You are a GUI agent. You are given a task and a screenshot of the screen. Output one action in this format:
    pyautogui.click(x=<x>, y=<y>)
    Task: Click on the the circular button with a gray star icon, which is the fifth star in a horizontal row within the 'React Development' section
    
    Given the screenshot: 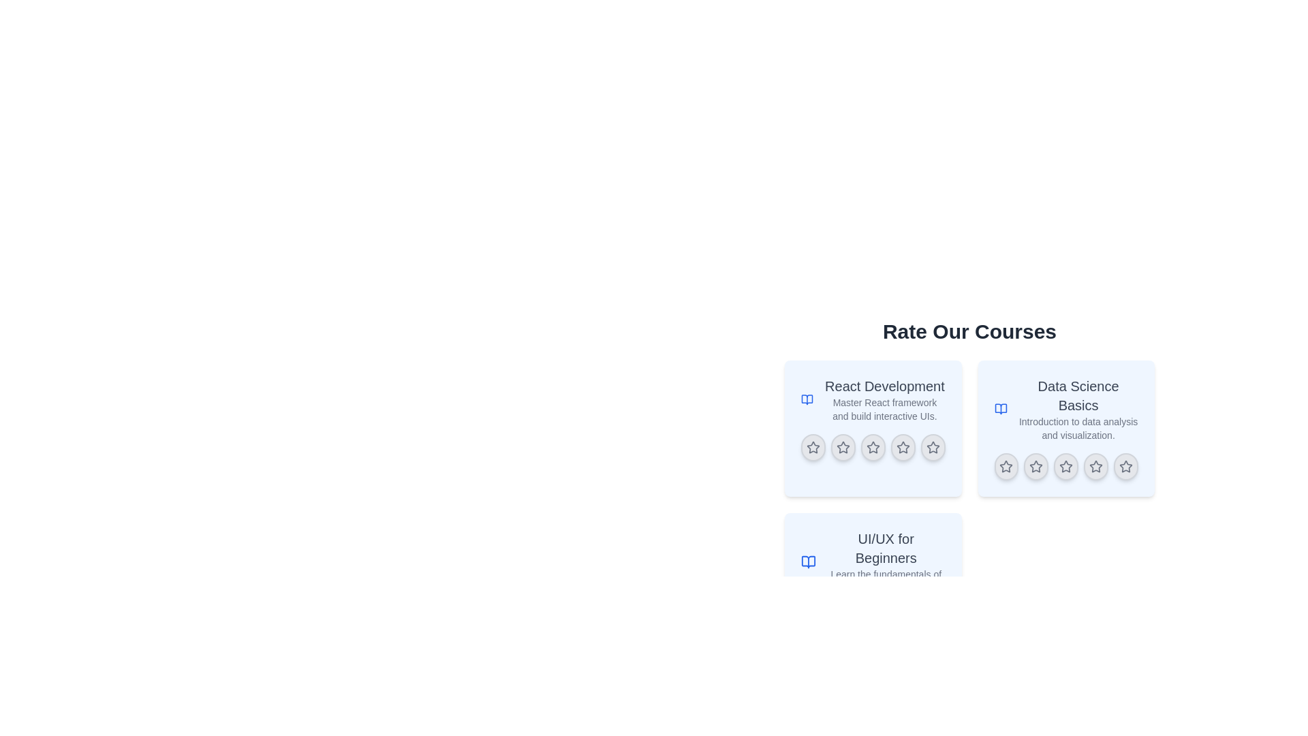 What is the action you would take?
    pyautogui.click(x=932, y=447)
    